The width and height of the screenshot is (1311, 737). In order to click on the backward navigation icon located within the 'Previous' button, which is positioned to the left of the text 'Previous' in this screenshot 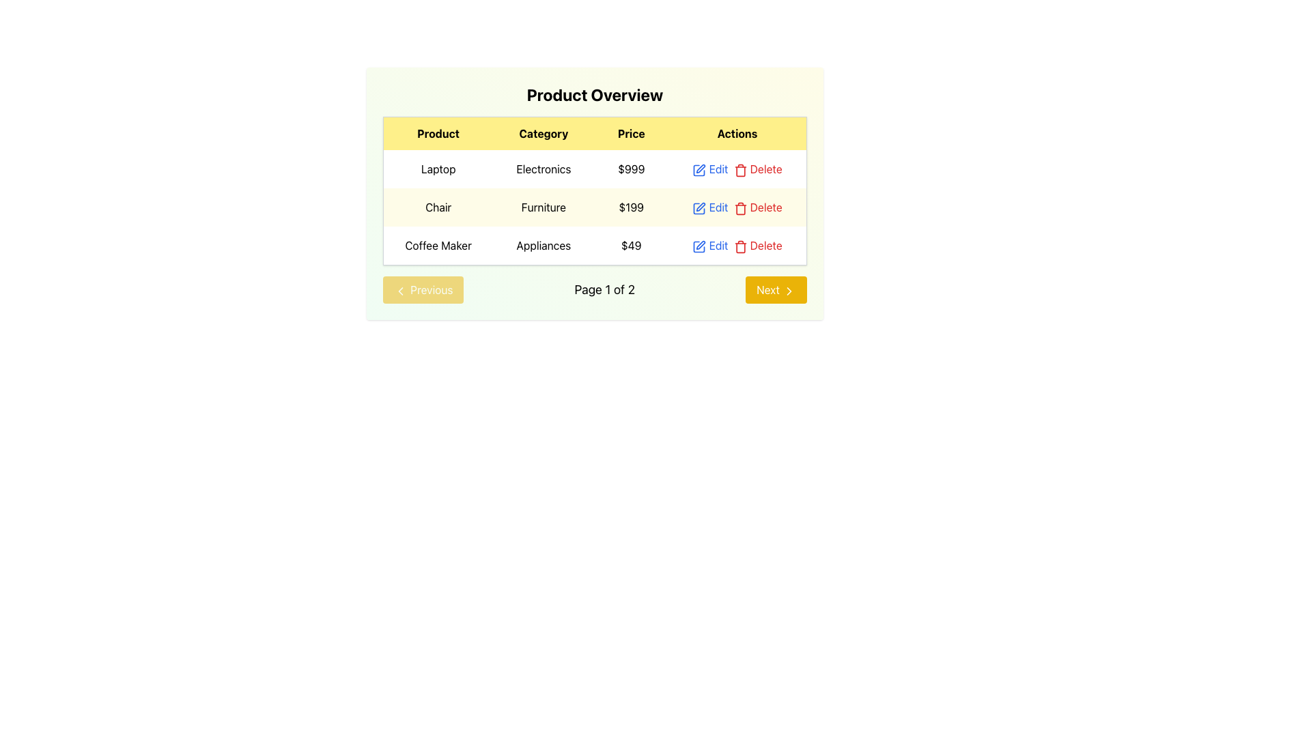, I will do `click(399, 289)`.